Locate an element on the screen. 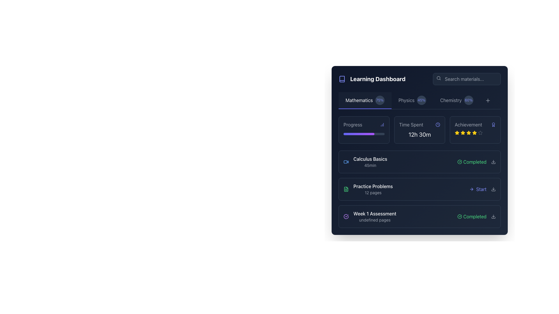 Image resolution: width=559 pixels, height=314 pixels. text label displaying 'undefined pages', which is positioned directly below the 'Week 1 Assessment' heading in small gray font is located at coordinates (375, 220).